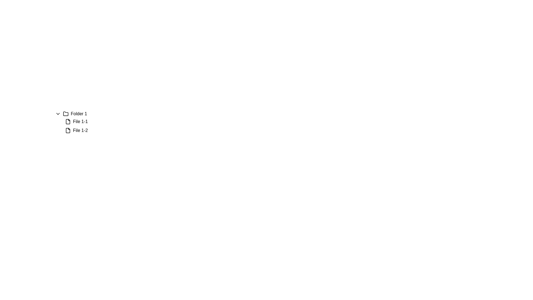 This screenshot has width=533, height=300. What do you see at coordinates (67, 121) in the screenshot?
I see `the file icon representing 'File 1-1' located under 'Folder 1'` at bounding box center [67, 121].